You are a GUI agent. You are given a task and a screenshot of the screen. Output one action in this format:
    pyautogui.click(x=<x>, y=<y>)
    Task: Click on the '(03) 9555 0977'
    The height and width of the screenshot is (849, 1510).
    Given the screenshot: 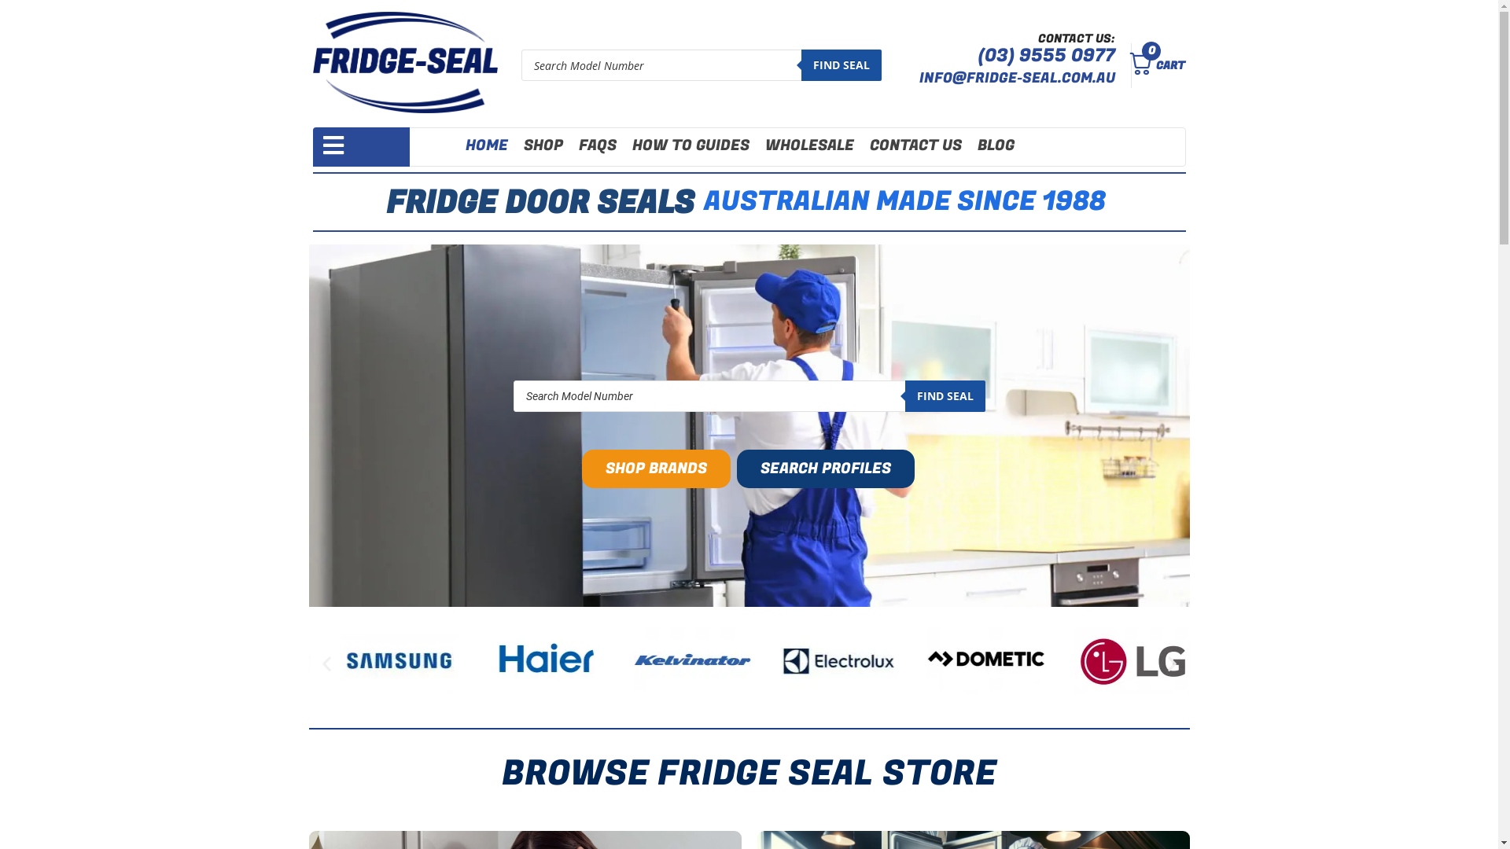 What is the action you would take?
    pyautogui.click(x=1046, y=54)
    